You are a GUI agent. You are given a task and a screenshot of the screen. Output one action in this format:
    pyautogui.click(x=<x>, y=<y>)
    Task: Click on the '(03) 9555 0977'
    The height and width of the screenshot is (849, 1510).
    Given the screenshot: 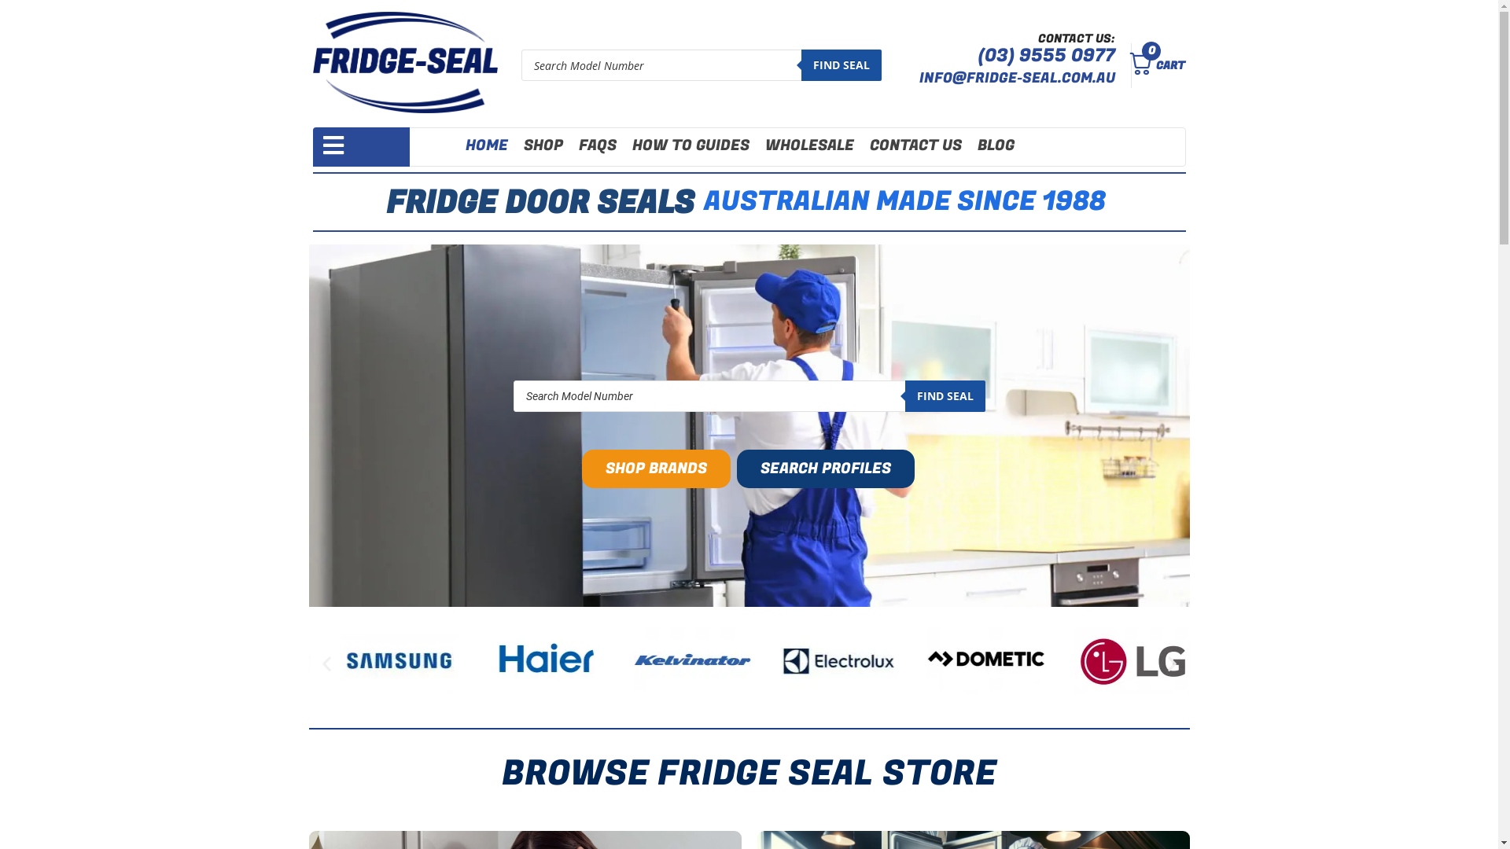 What is the action you would take?
    pyautogui.click(x=1046, y=54)
    